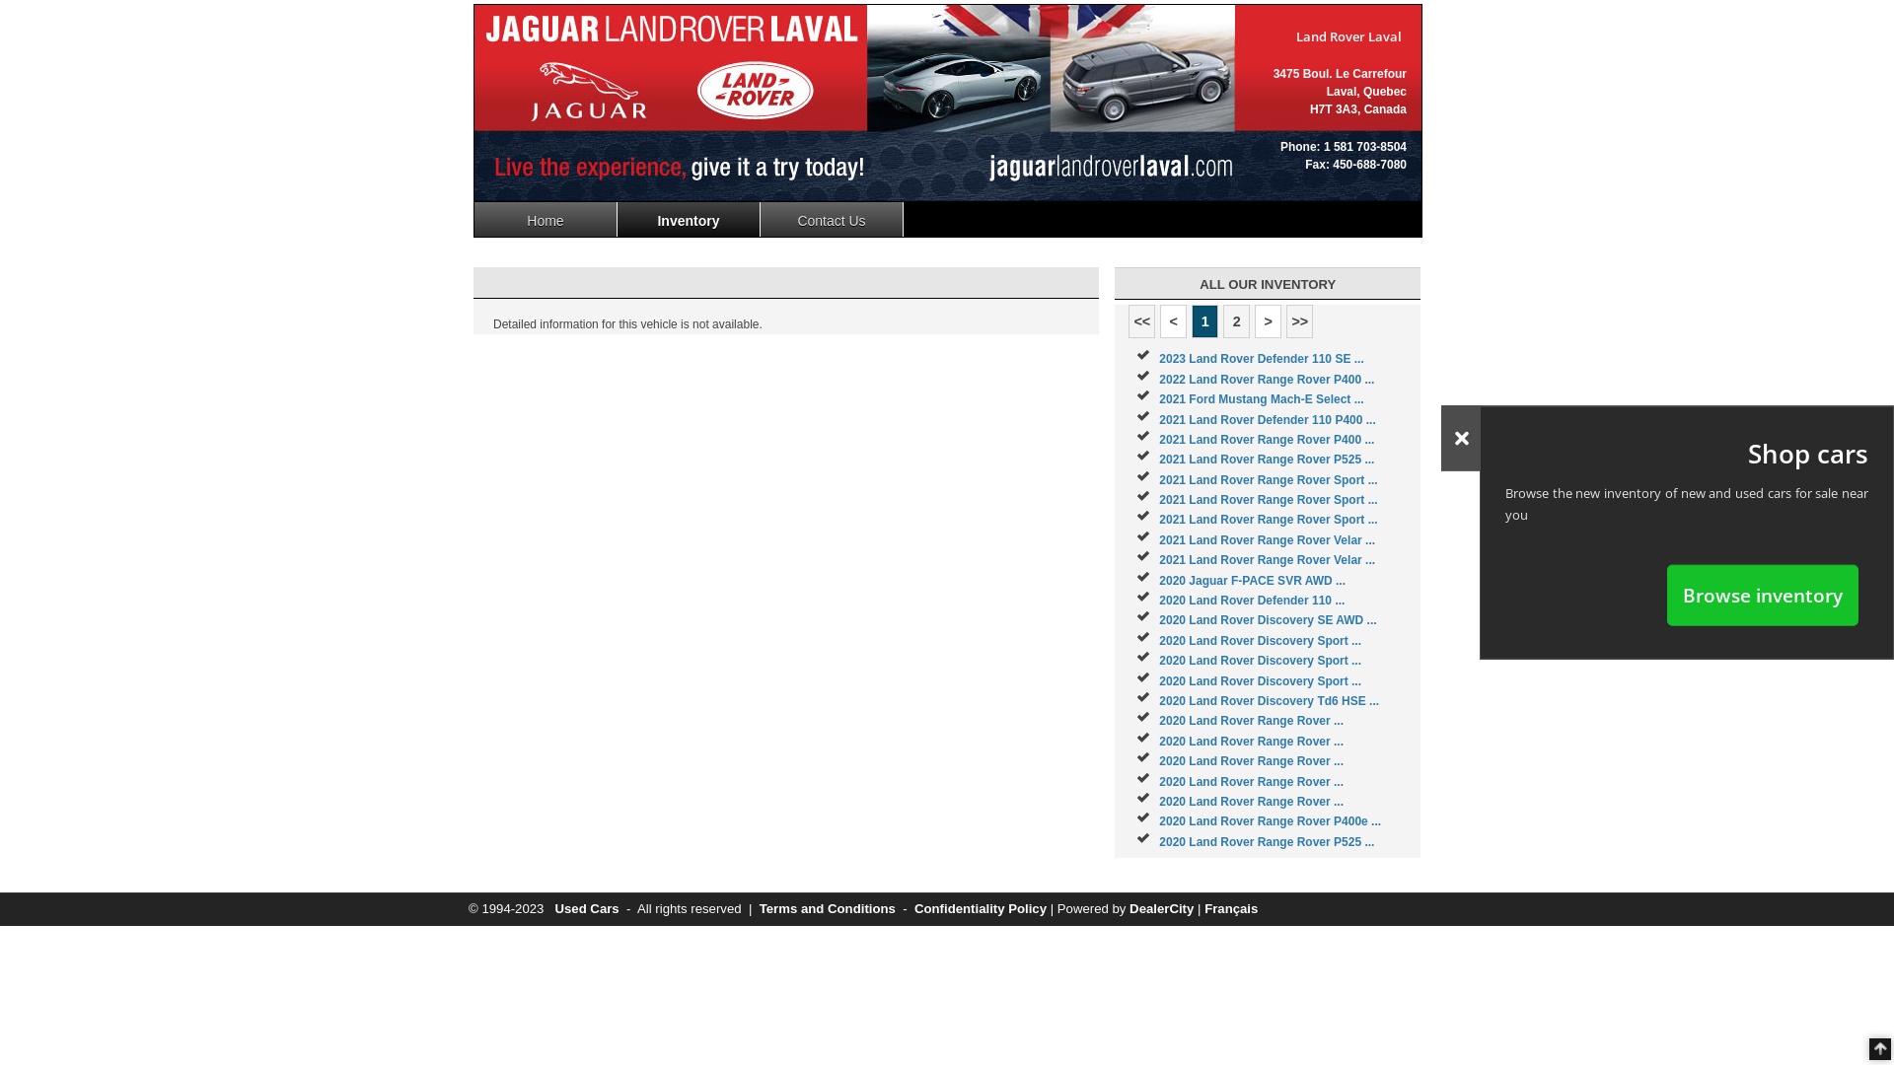 Image resolution: width=1894 pixels, height=1065 pixels. Describe the element at coordinates (1159, 439) in the screenshot. I see `'2021 Land Rover Range Rover P400 ...'` at that location.